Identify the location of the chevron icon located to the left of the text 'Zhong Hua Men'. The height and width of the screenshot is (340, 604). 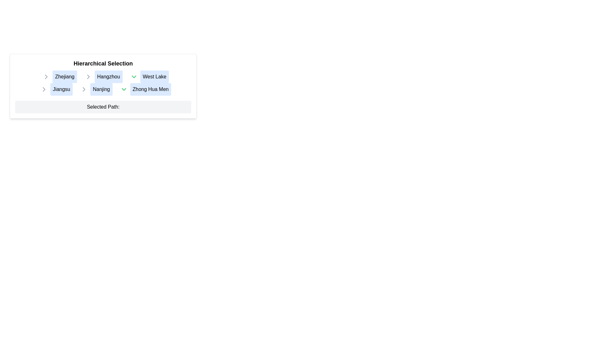
(124, 89).